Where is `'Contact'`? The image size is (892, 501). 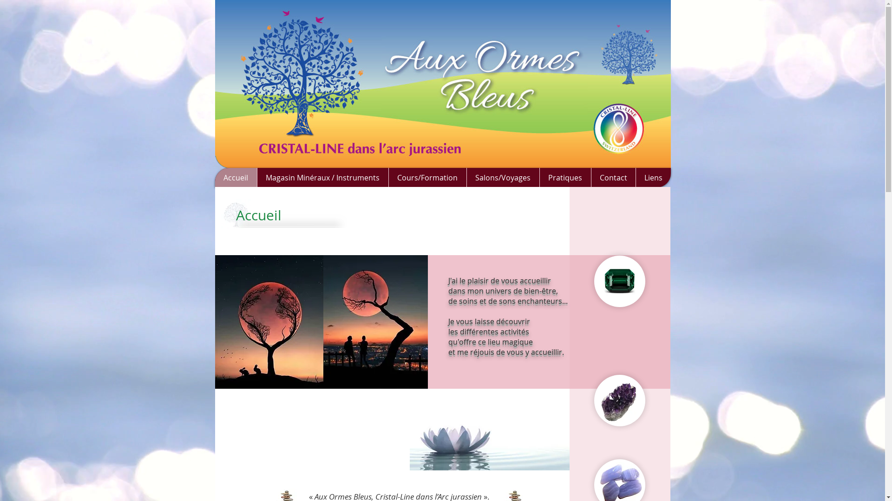
'Contact' is located at coordinates (590, 177).